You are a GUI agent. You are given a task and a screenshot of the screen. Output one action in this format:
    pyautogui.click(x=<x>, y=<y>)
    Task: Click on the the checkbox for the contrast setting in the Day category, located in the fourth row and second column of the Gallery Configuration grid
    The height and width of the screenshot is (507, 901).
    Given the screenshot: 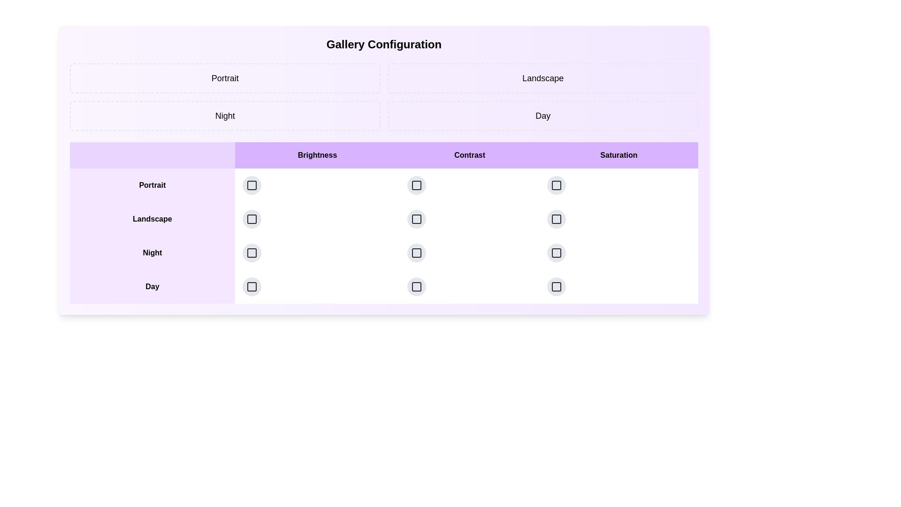 What is the action you would take?
    pyautogui.click(x=416, y=286)
    